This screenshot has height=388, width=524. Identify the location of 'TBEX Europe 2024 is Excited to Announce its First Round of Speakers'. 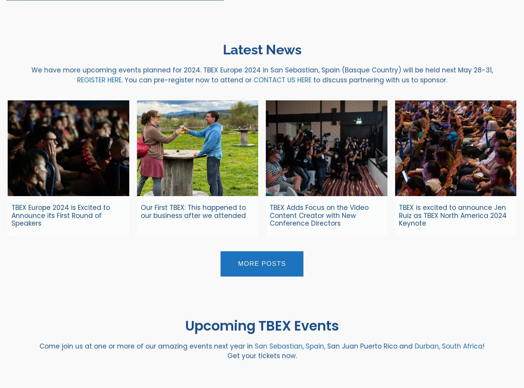
(12, 215).